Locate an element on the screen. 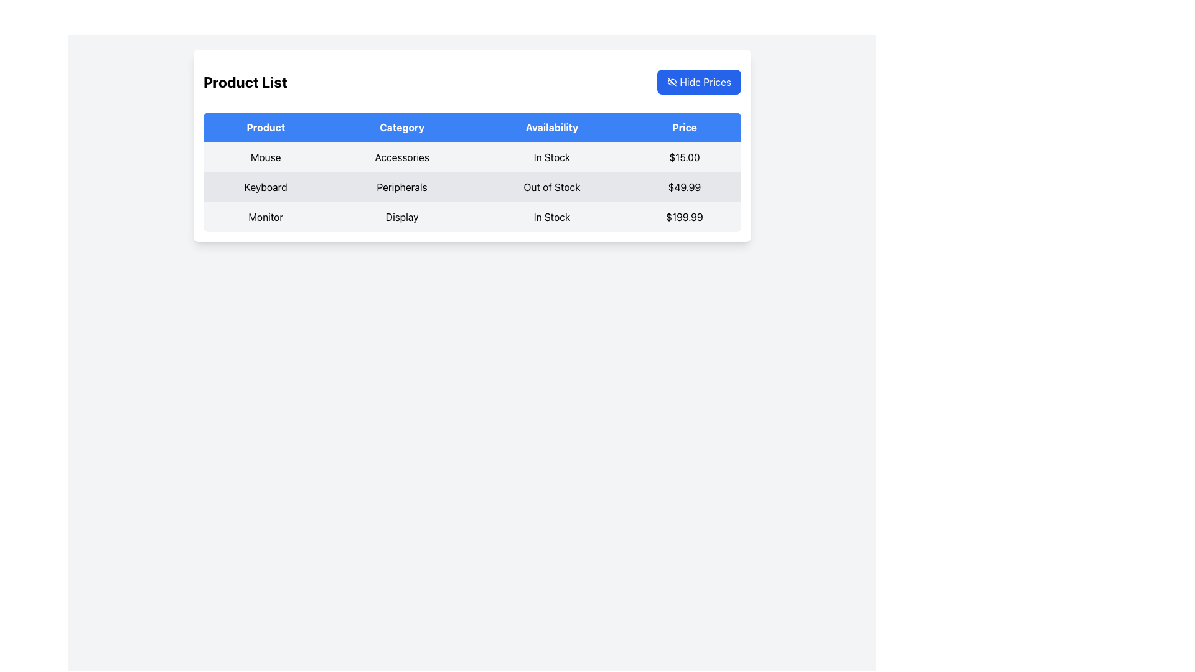  the text element indicating the category of the product 'Monitor', located in the second cell under the 'Category' header is located at coordinates (402, 216).